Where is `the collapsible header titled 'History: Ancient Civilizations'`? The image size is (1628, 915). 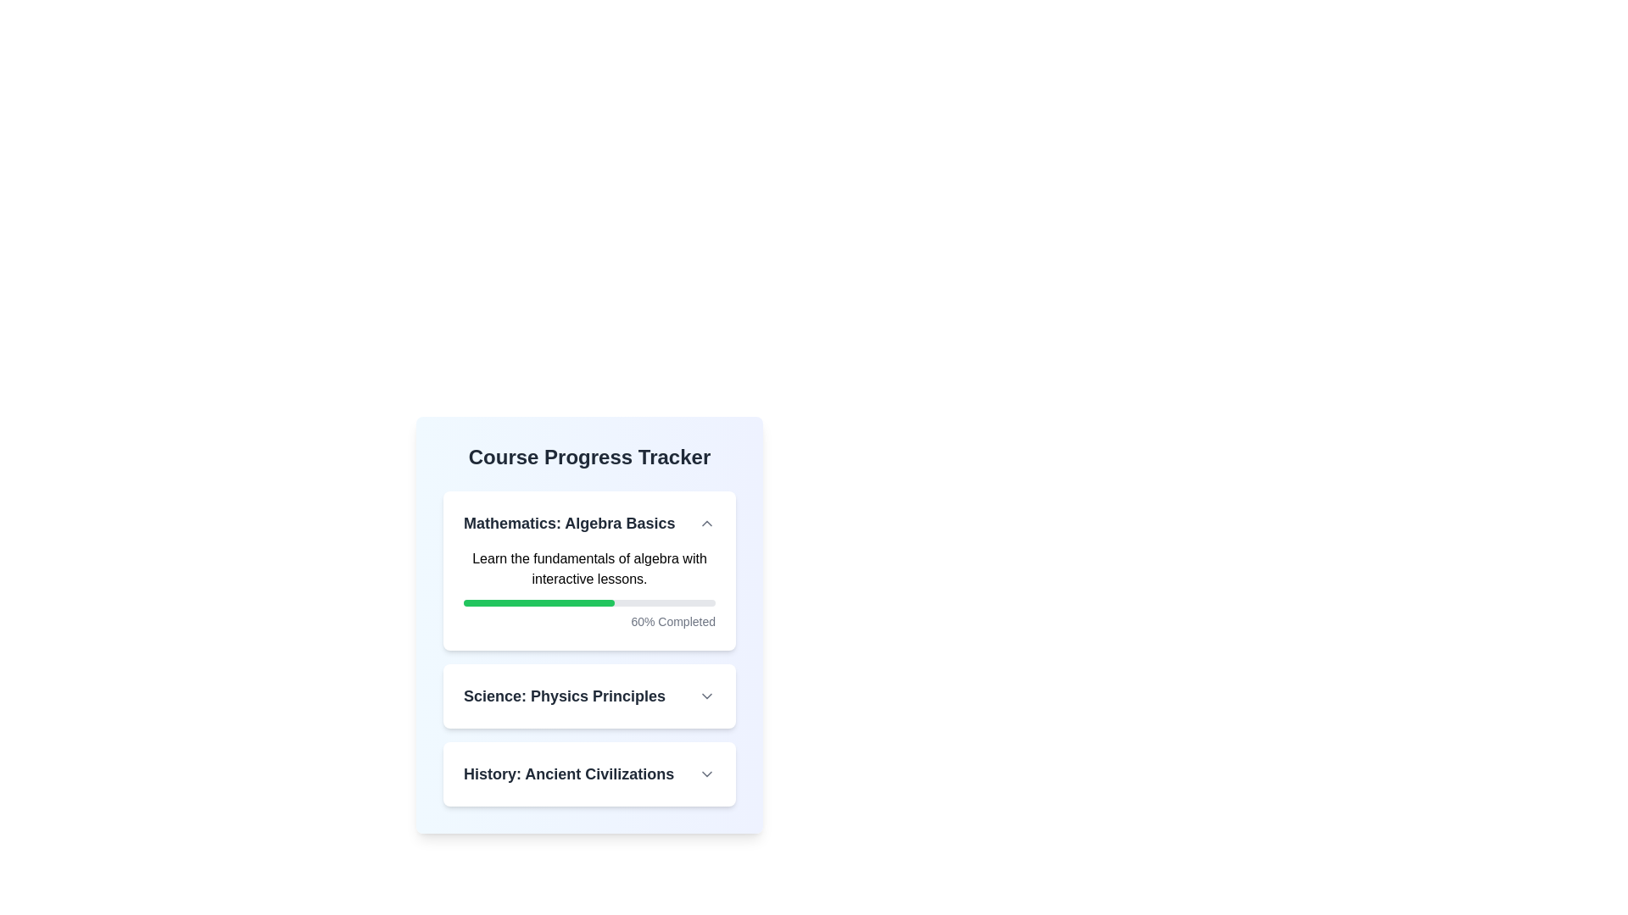
the collapsible header titled 'History: Ancient Civilizations' is located at coordinates (589, 774).